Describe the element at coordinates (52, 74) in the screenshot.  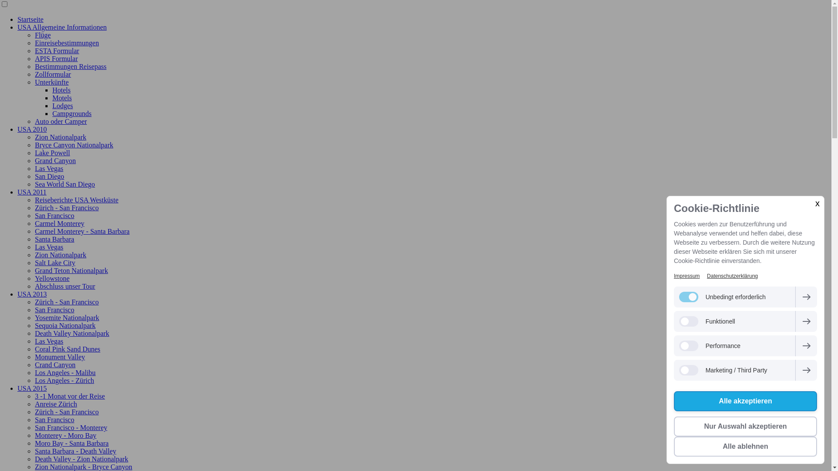
I see `'Zollformular'` at that location.